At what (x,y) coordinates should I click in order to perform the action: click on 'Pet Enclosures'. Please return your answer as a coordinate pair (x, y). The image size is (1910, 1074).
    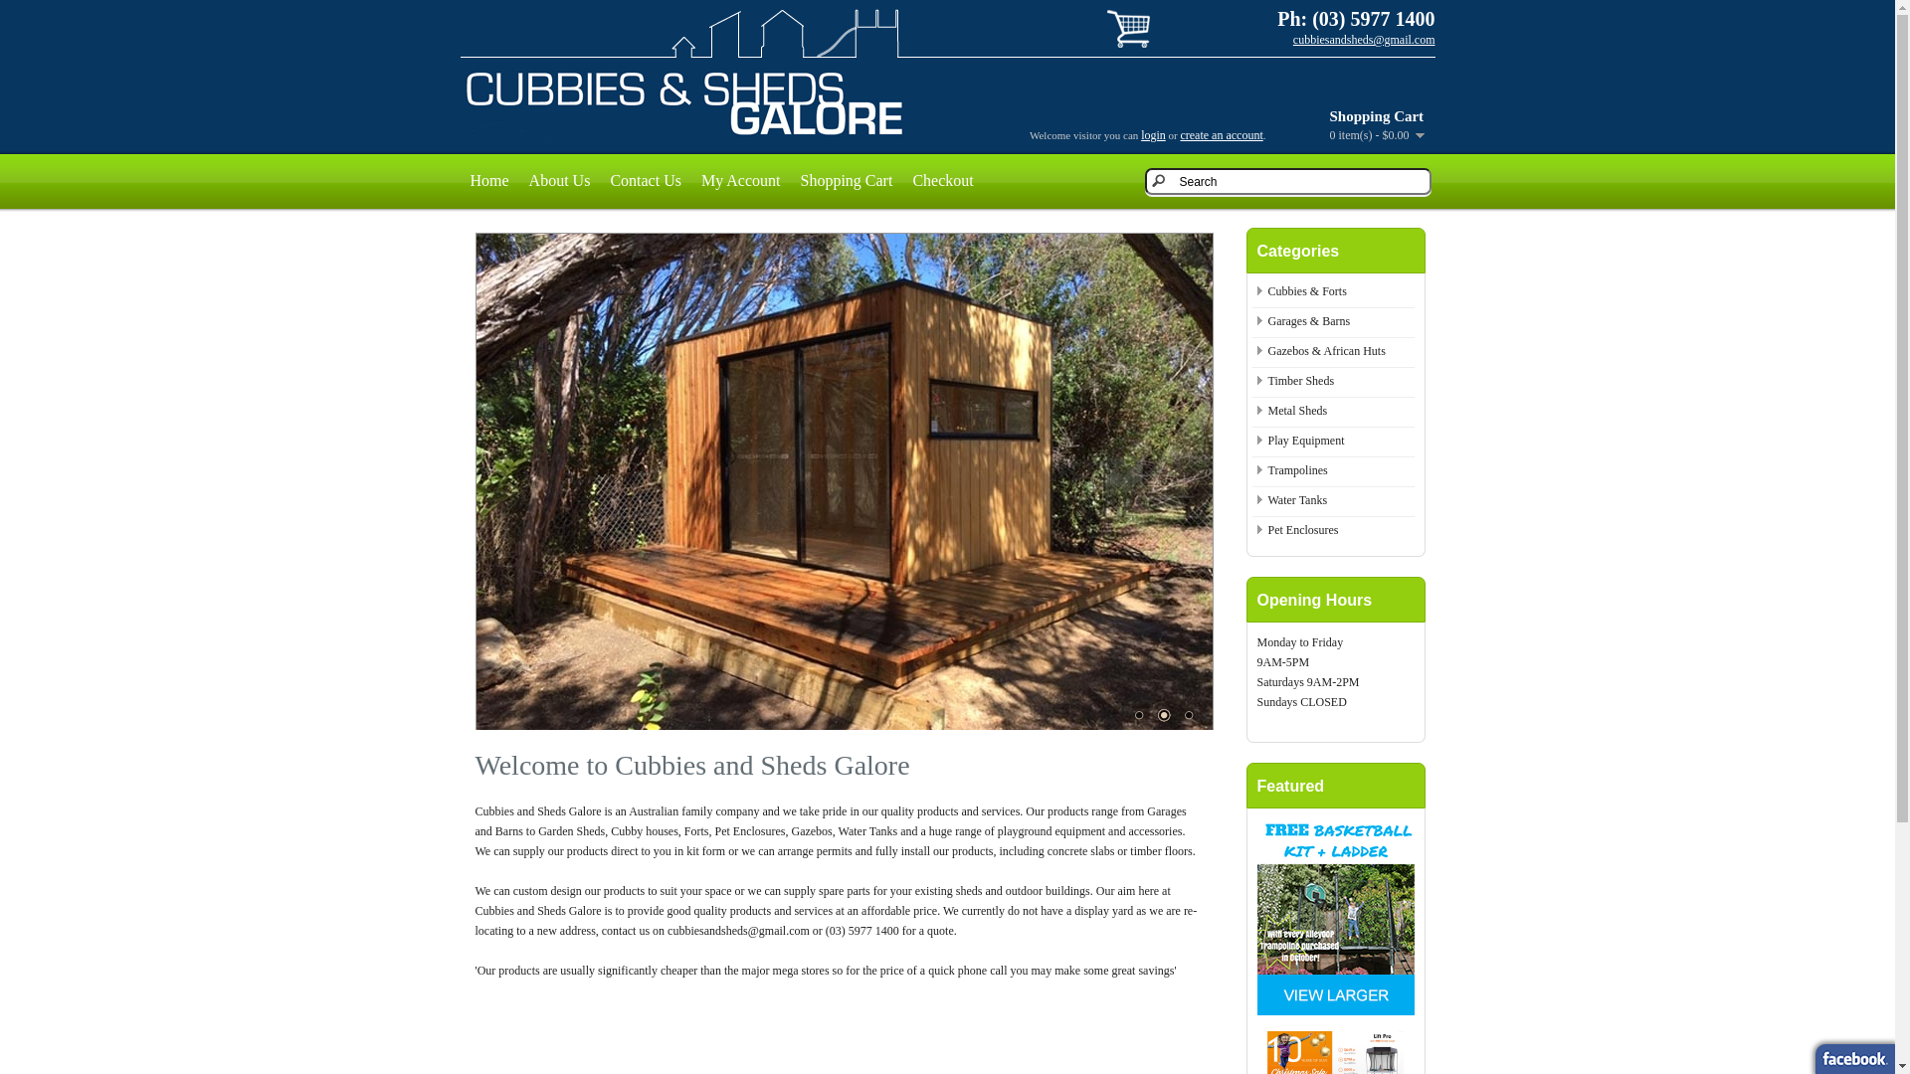
    Looking at the image, I should click on (1265, 528).